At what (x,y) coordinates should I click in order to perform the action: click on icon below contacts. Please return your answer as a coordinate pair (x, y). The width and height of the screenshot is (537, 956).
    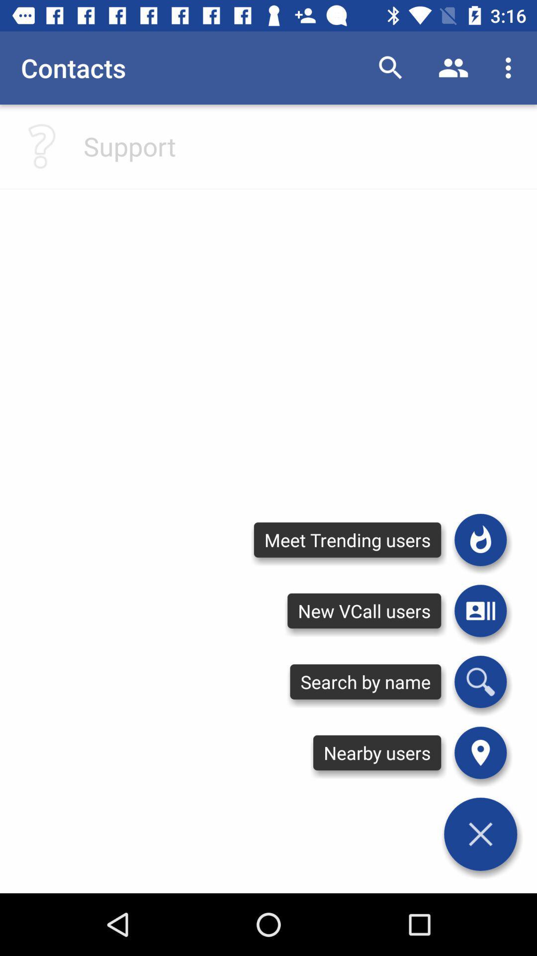
    Looking at the image, I should click on (129, 145).